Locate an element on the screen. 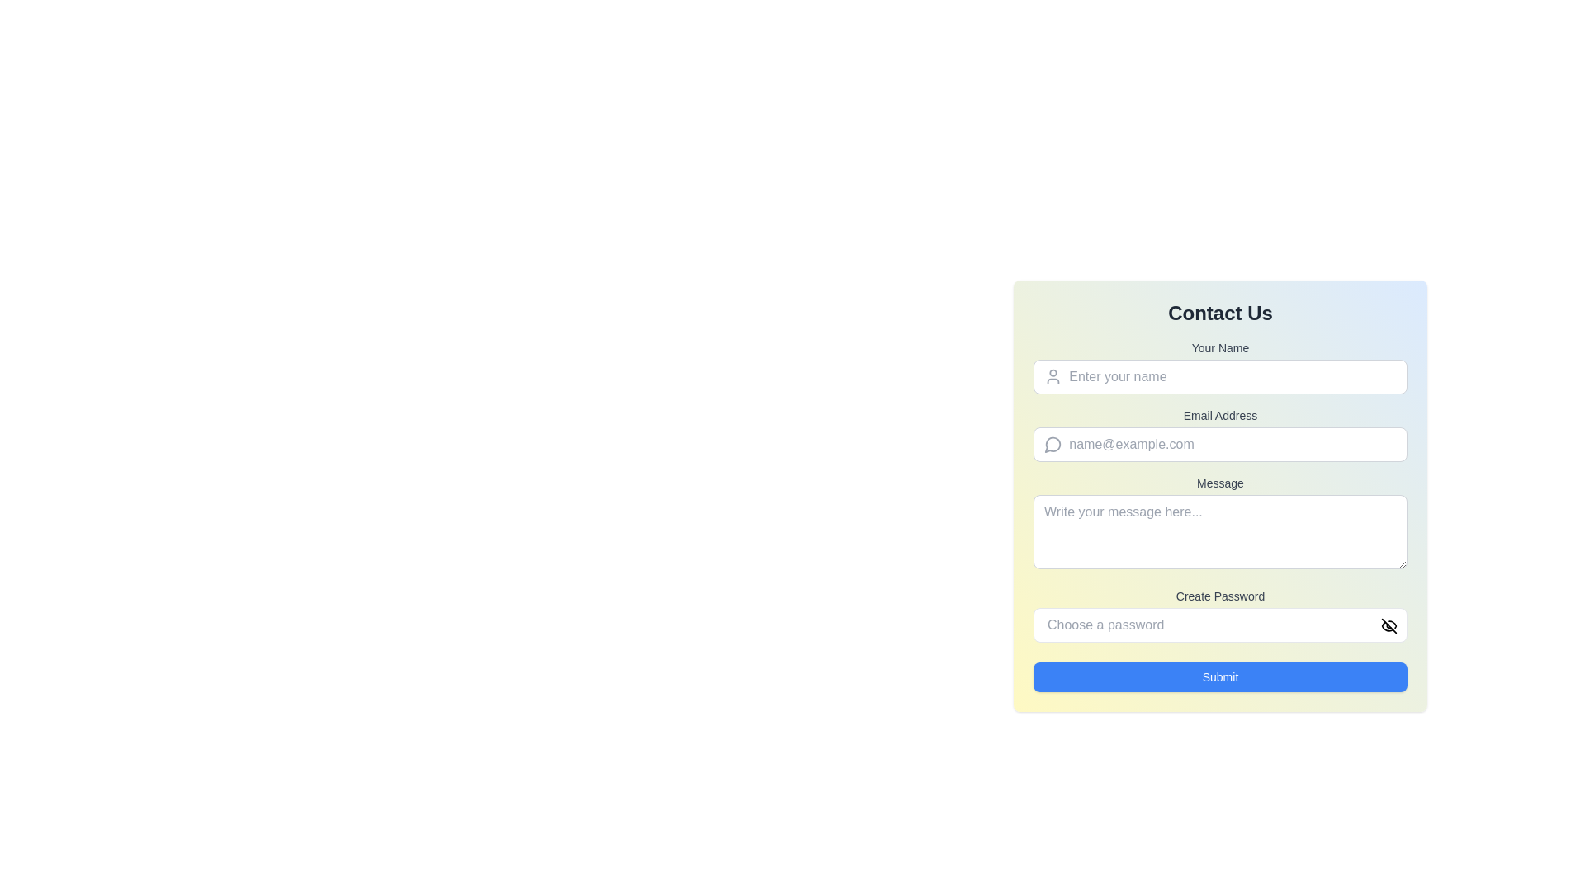 This screenshot has width=1585, height=891. the eye icon button located at the top-right corner of the 'Choose a password' input field in the 'Create Password' section is located at coordinates (1389, 626).